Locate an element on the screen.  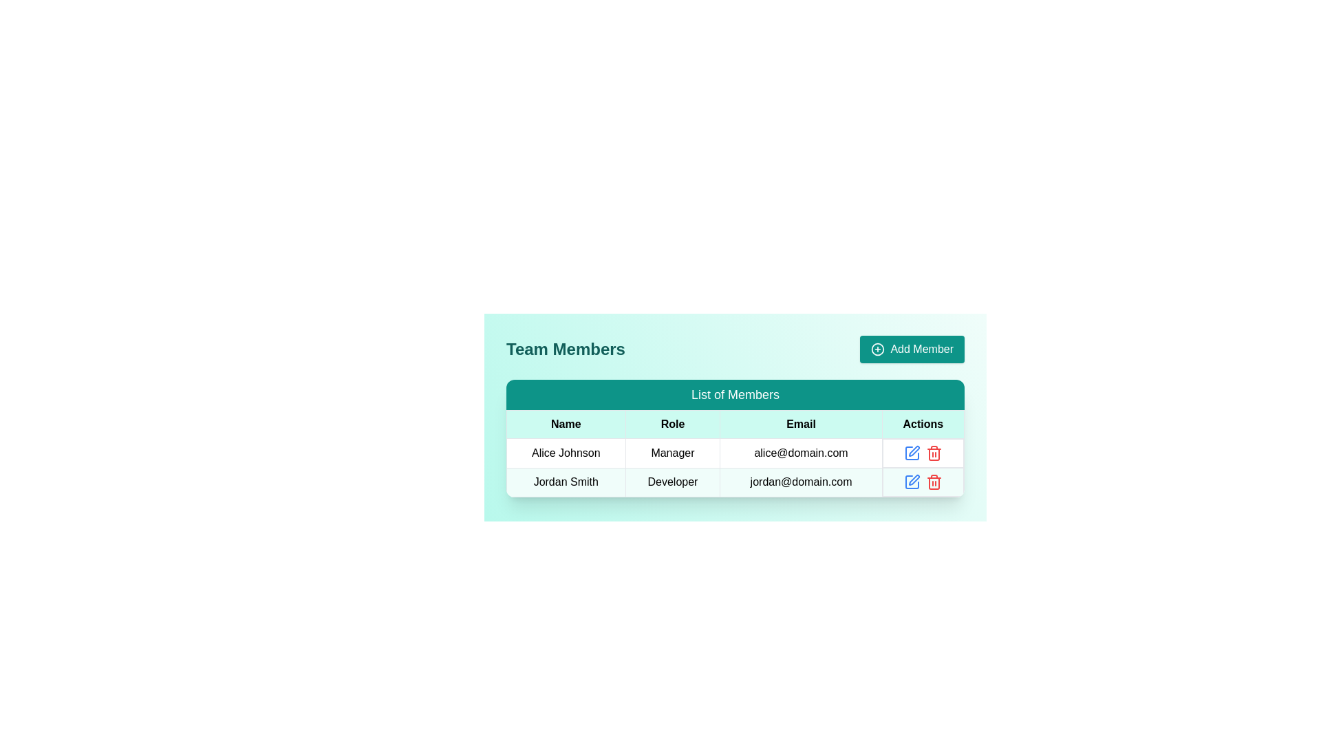
the edit button located is located at coordinates (912, 453).